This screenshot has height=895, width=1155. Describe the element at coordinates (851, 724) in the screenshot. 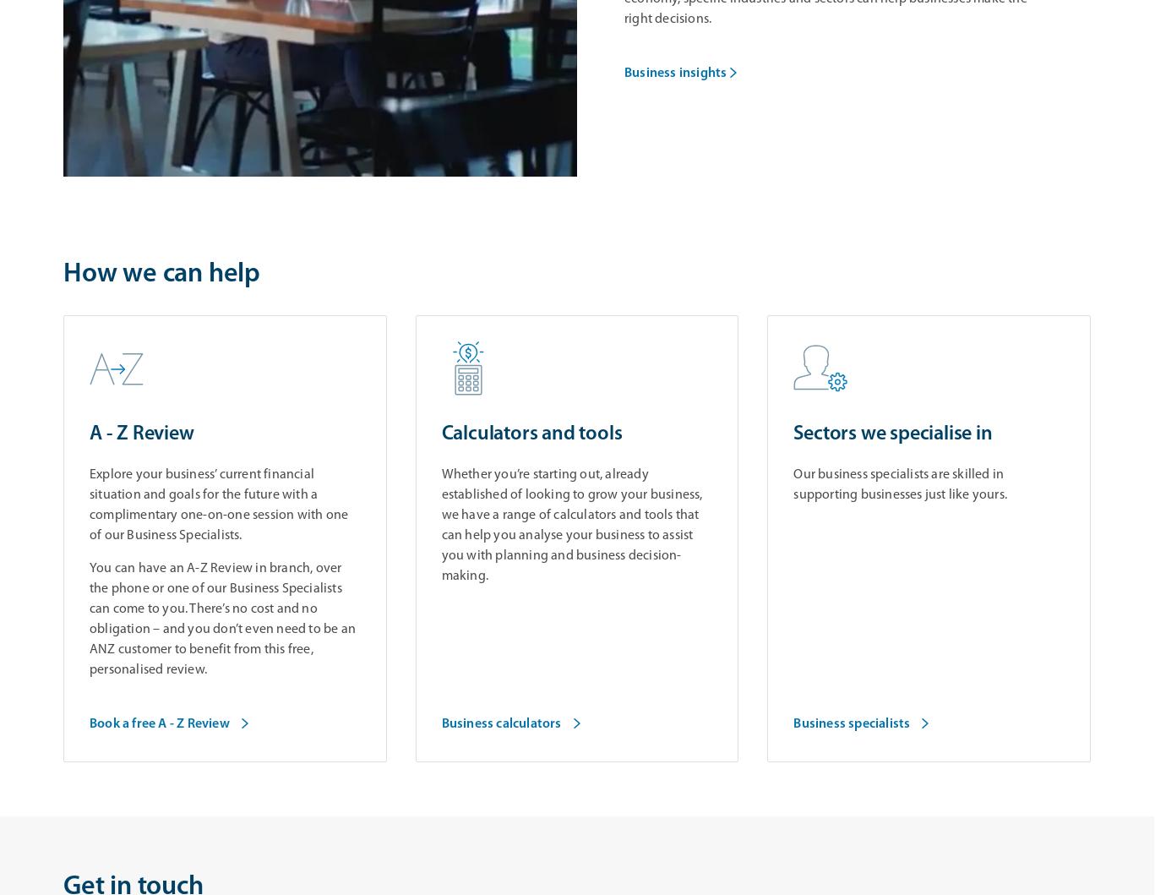

I see `'Business specialists'` at that location.